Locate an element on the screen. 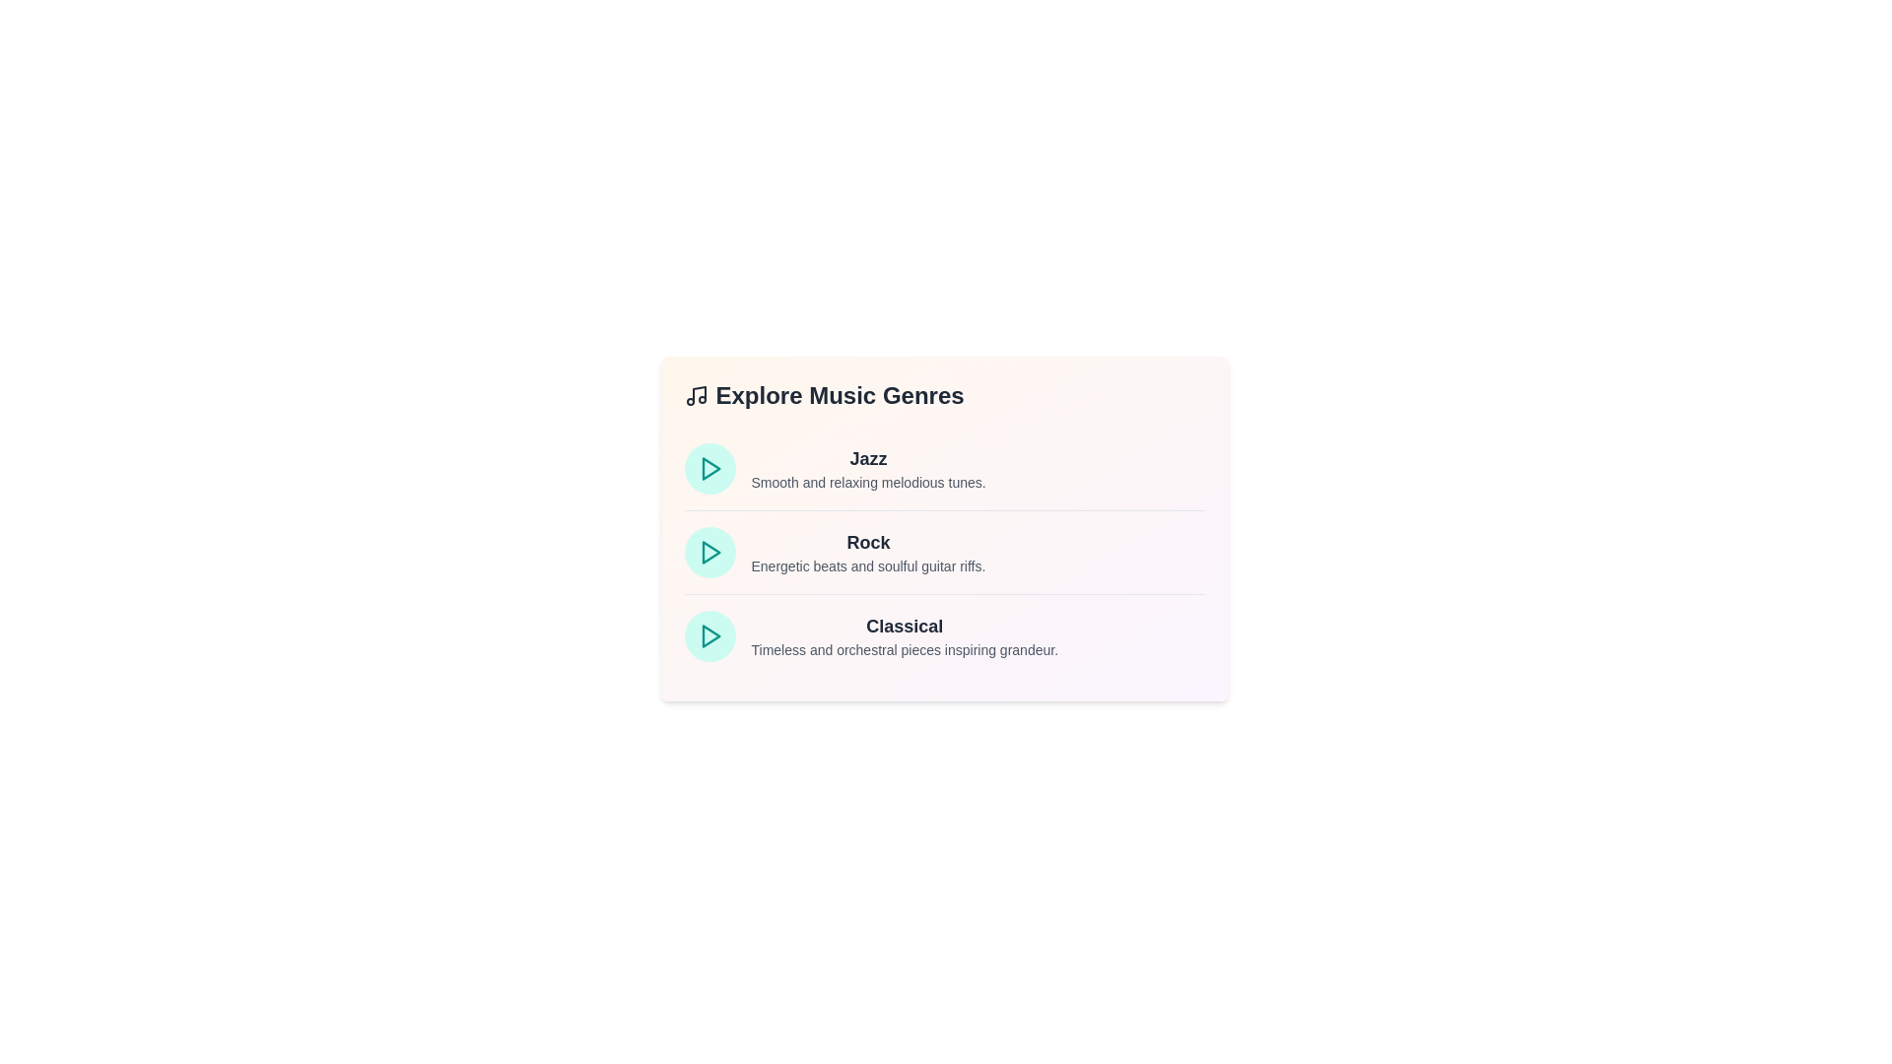  the play icon corresponding to the genre Rock is located at coordinates (709, 552).